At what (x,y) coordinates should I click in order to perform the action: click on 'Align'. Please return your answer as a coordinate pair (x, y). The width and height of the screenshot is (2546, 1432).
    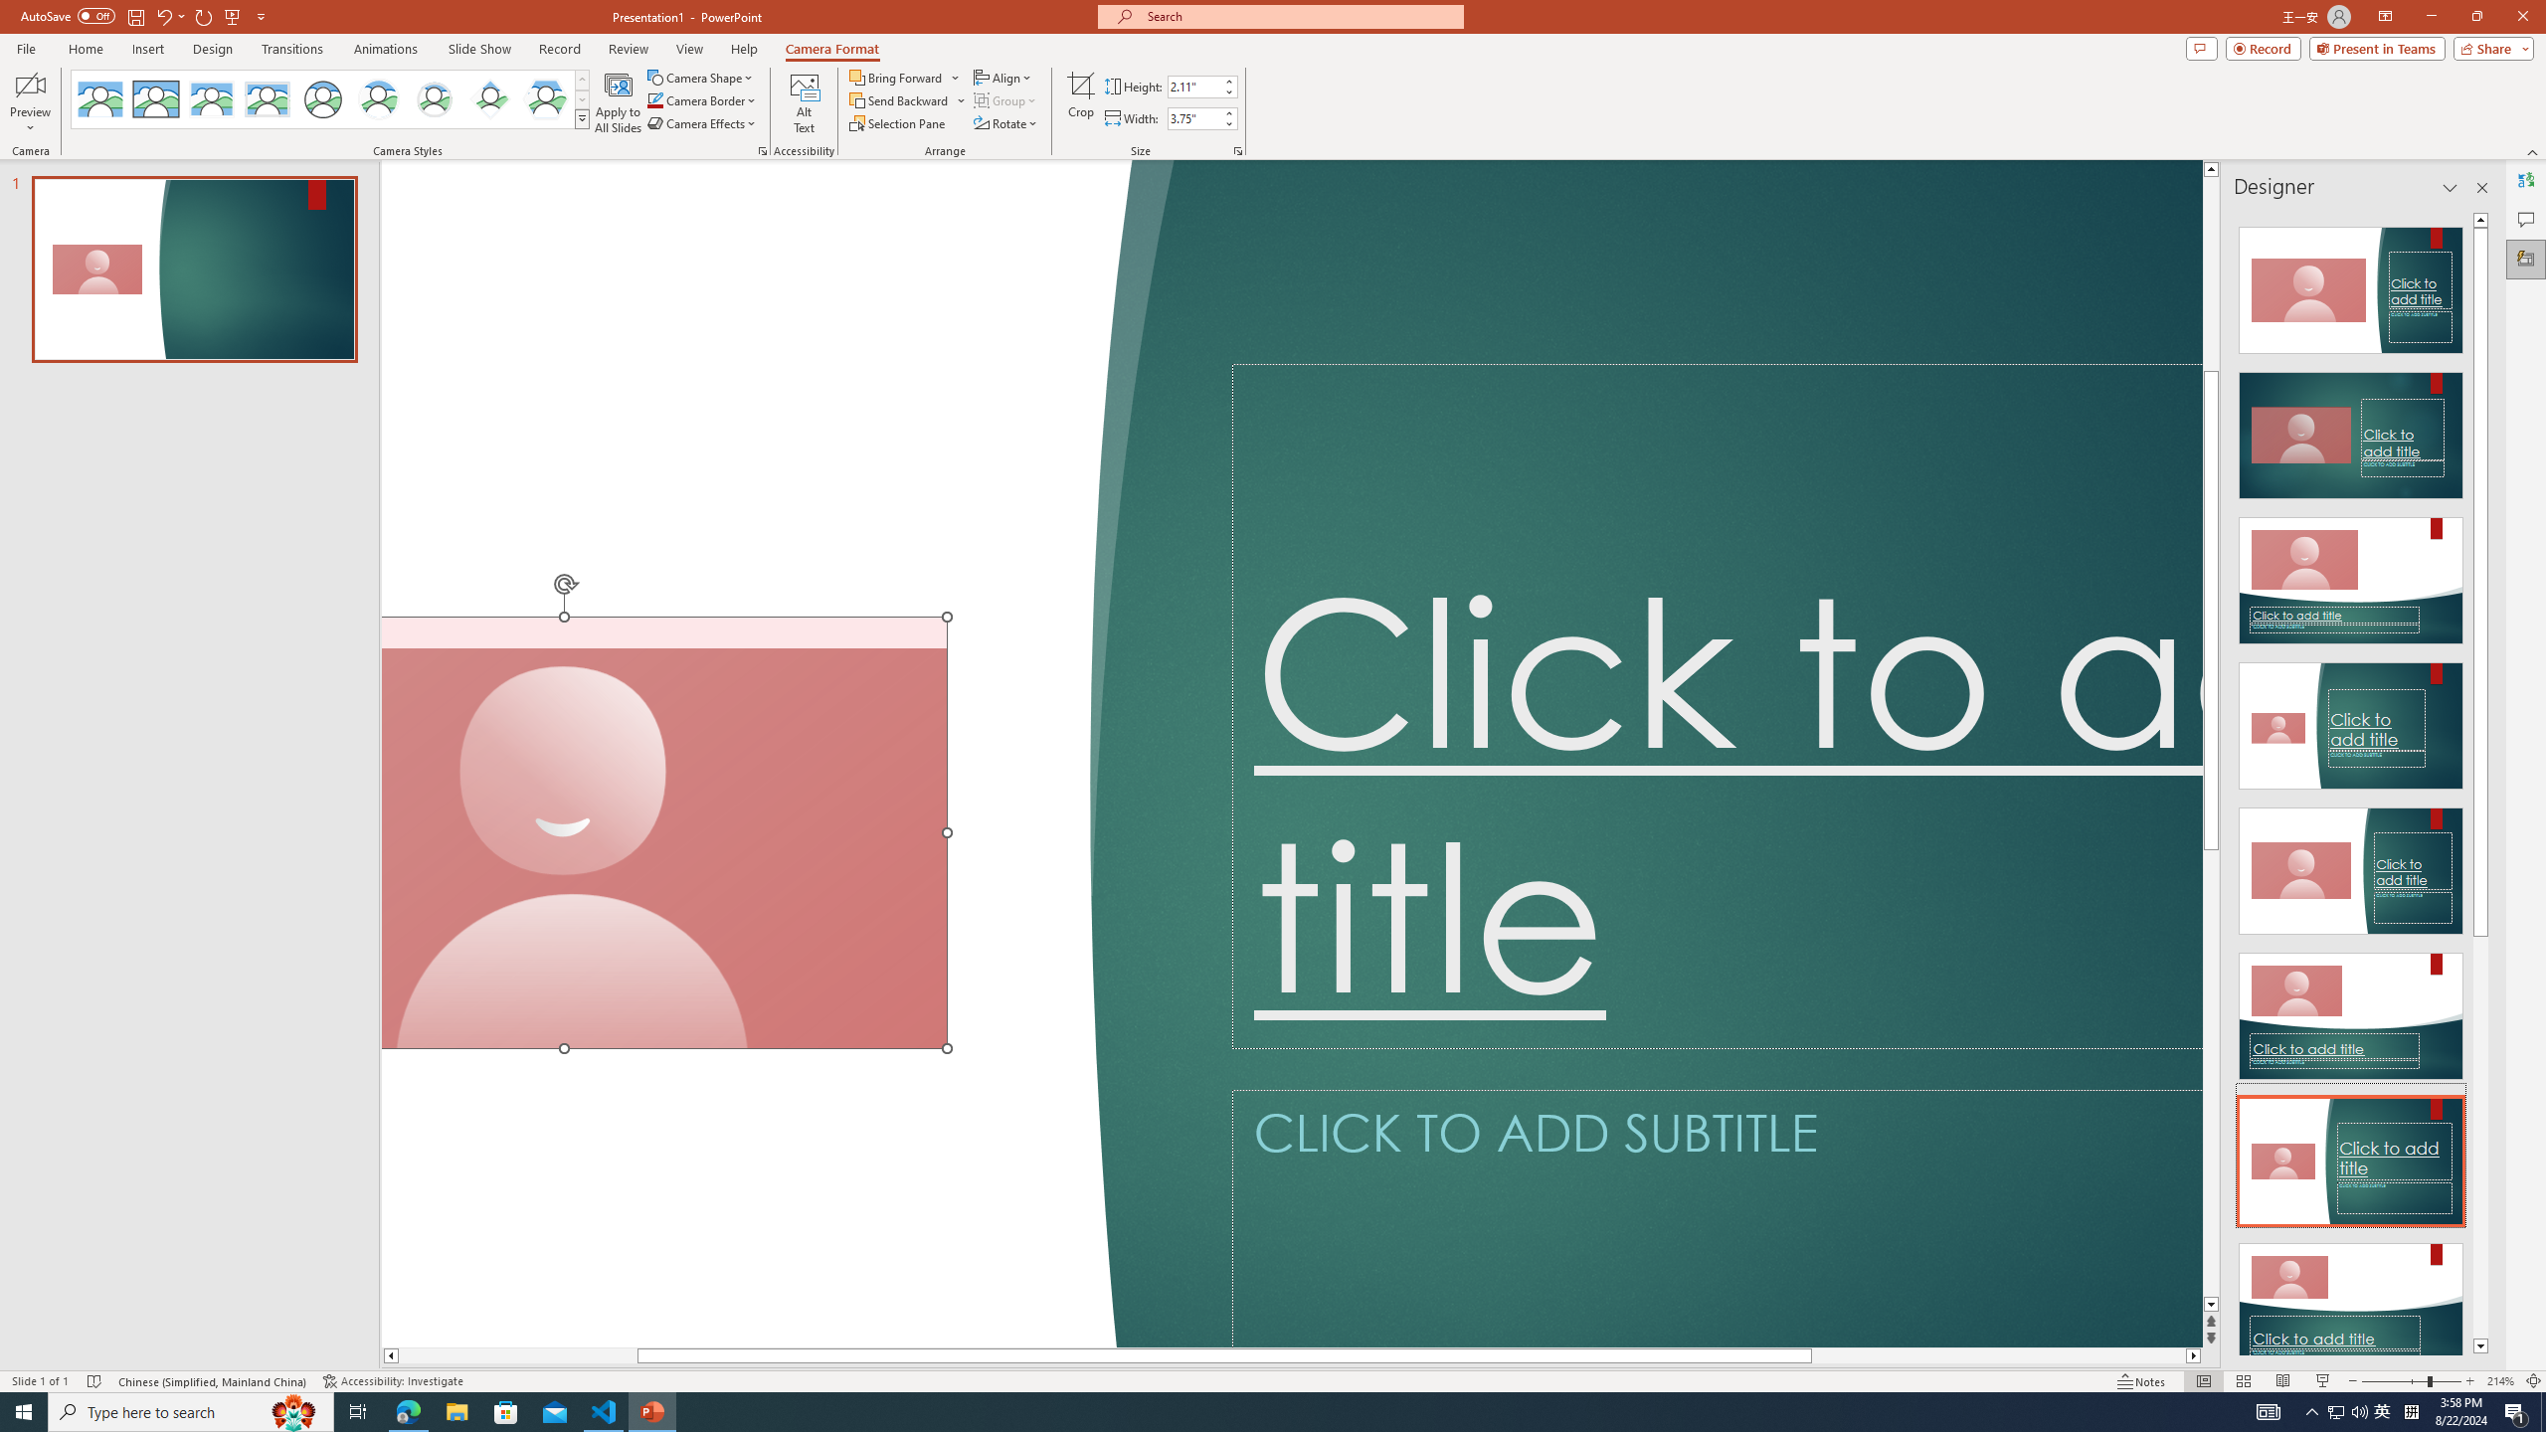
    Looking at the image, I should click on (1002, 77).